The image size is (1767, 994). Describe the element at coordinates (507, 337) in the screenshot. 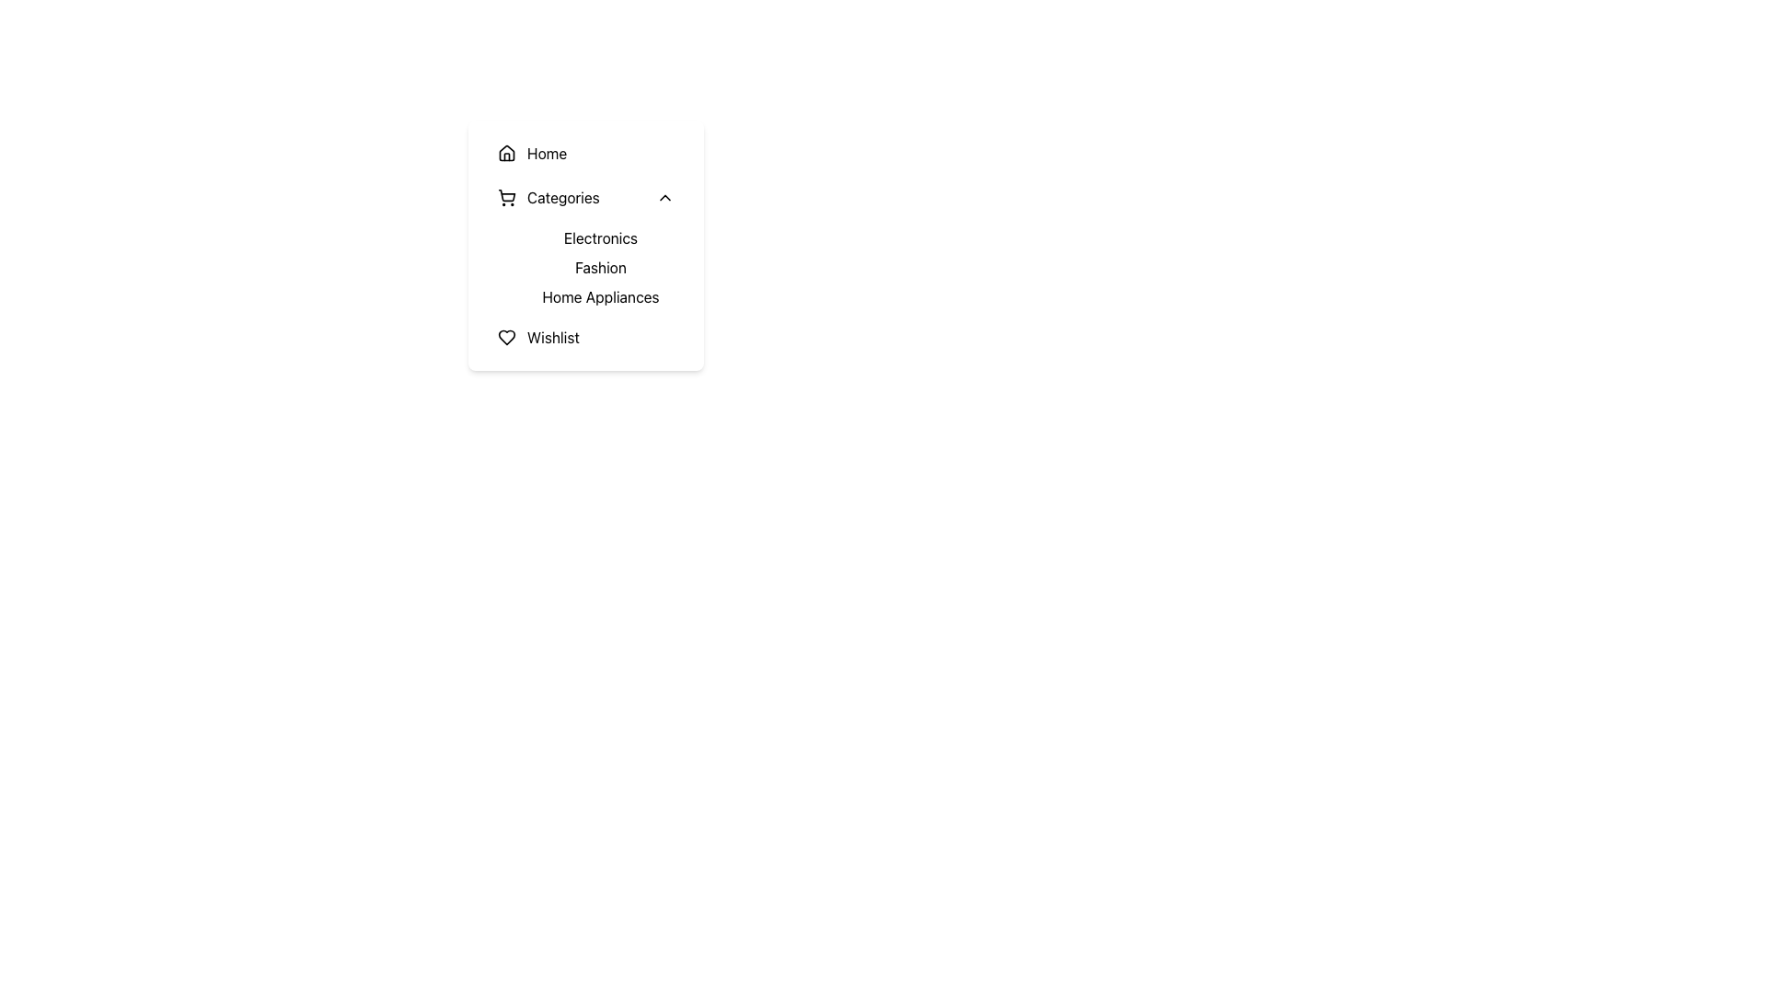

I see `the heart-shaped icon representing the 'Wishlist' in the vertical menu to interact with it` at that location.